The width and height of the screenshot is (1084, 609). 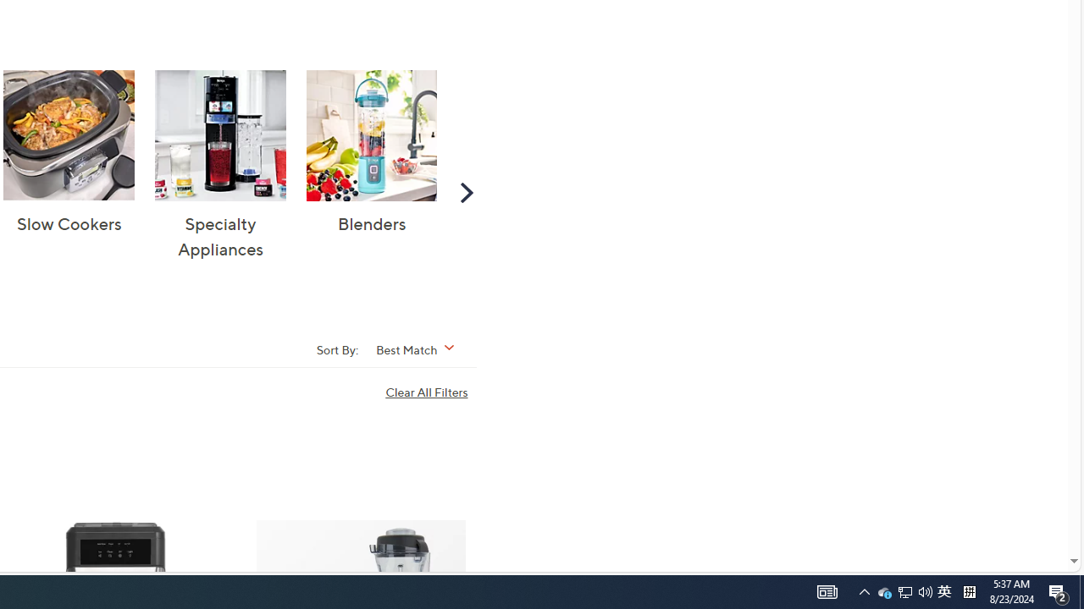 I want to click on 'Blenders', so click(x=371, y=134).